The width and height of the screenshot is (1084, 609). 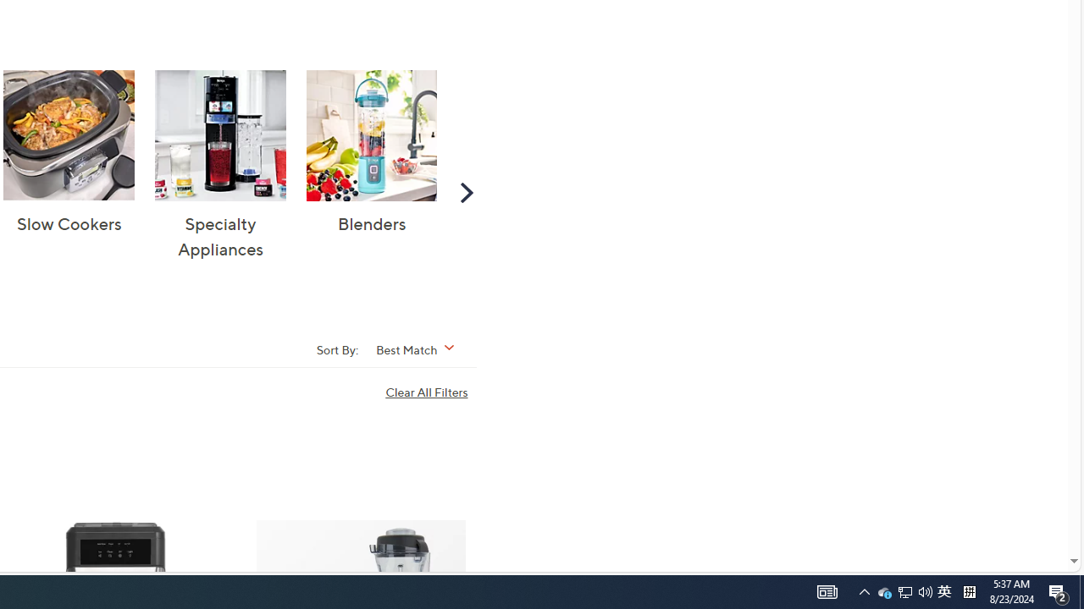 I want to click on 'Blenders', so click(x=371, y=134).